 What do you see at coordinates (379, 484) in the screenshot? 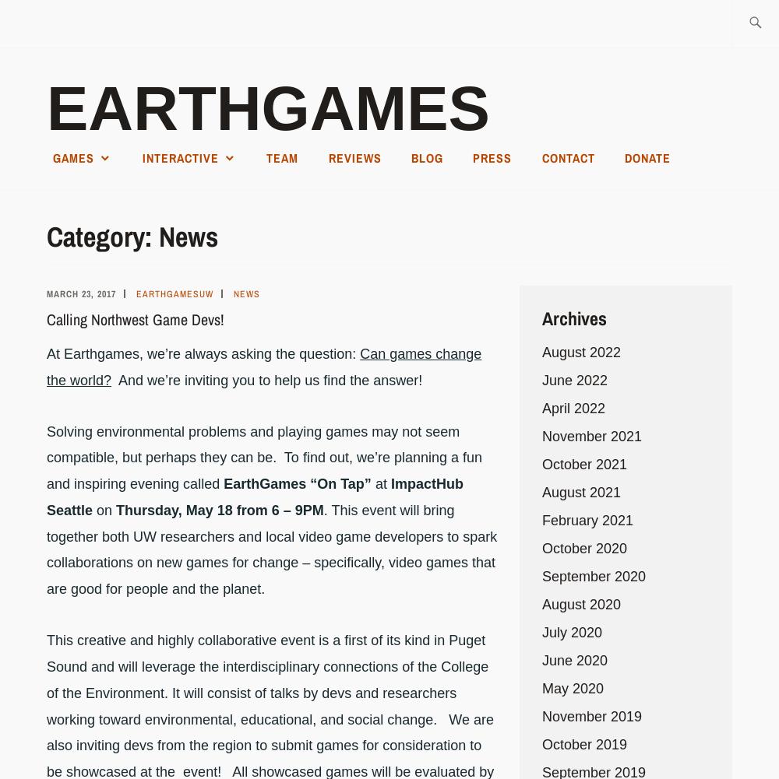
I see `'at'` at bounding box center [379, 484].